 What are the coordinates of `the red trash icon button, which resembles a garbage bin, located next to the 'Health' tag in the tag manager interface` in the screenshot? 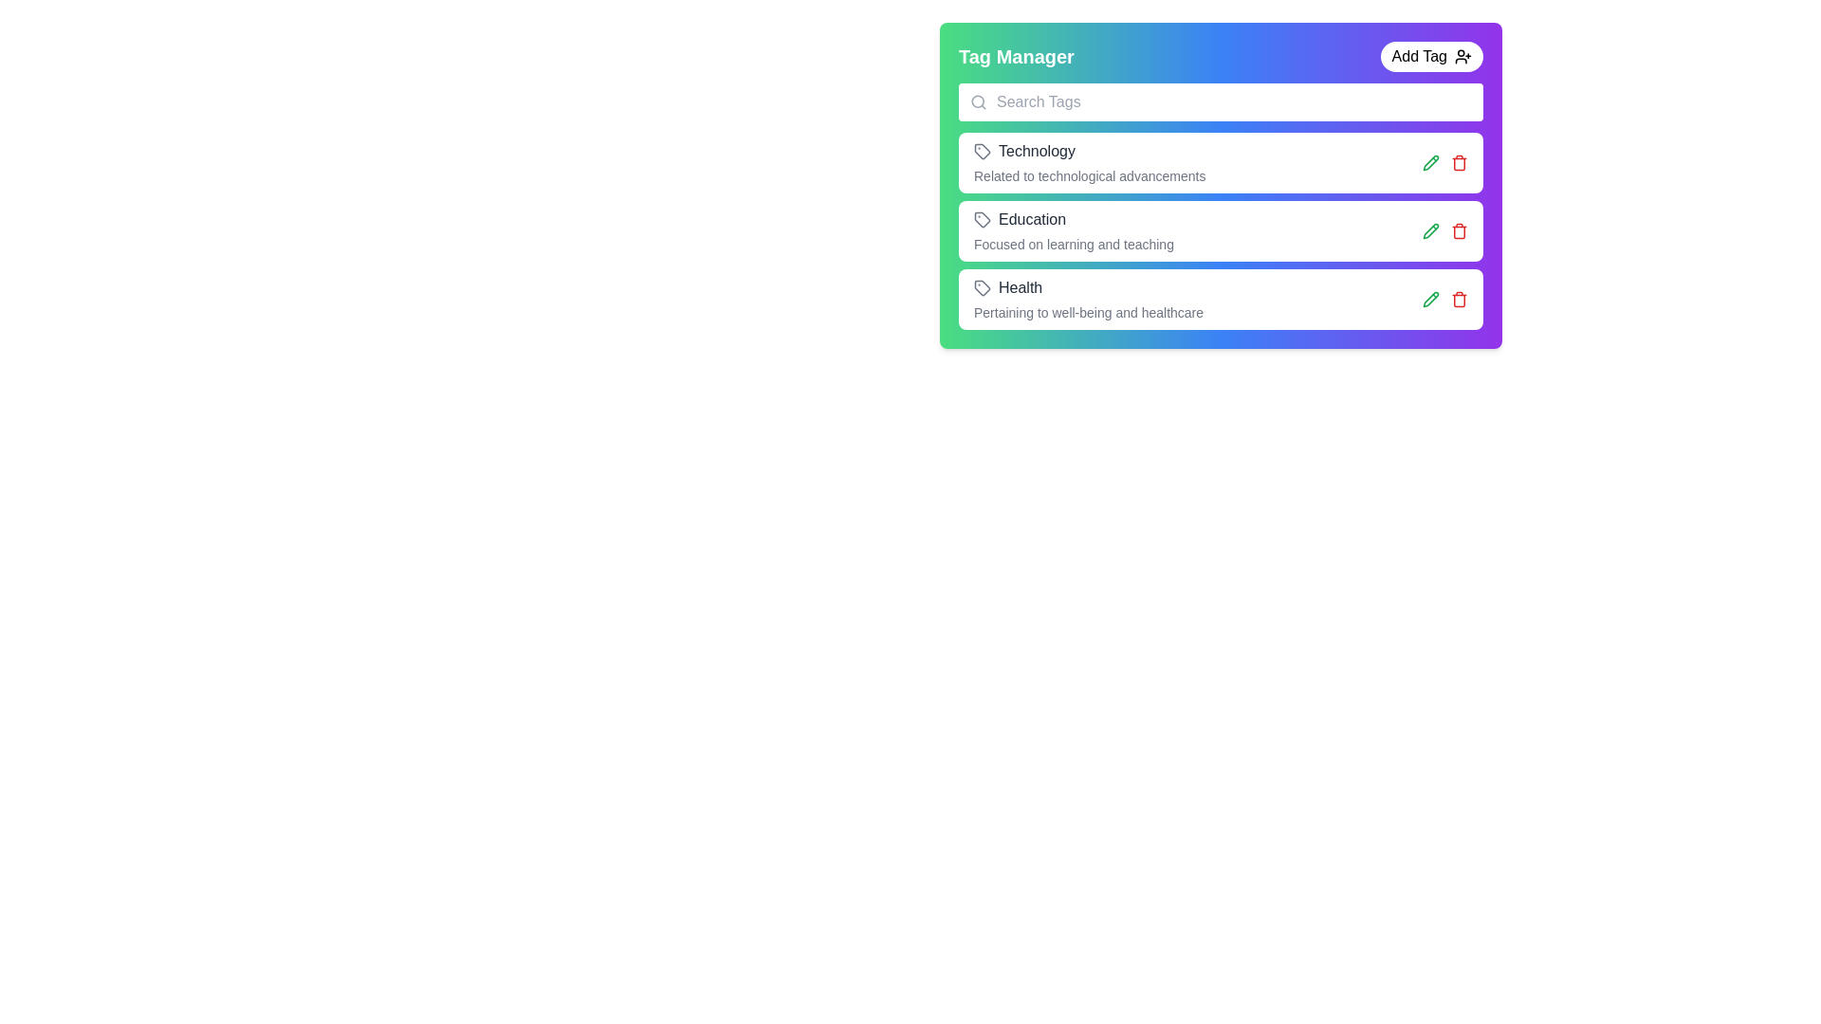 It's located at (1459, 299).